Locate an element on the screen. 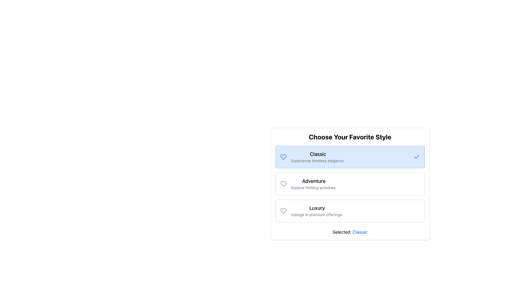  the text display element that shows the title and description for a luxury-themed option, located in the third card of a vertically stacked list is located at coordinates (317, 211).